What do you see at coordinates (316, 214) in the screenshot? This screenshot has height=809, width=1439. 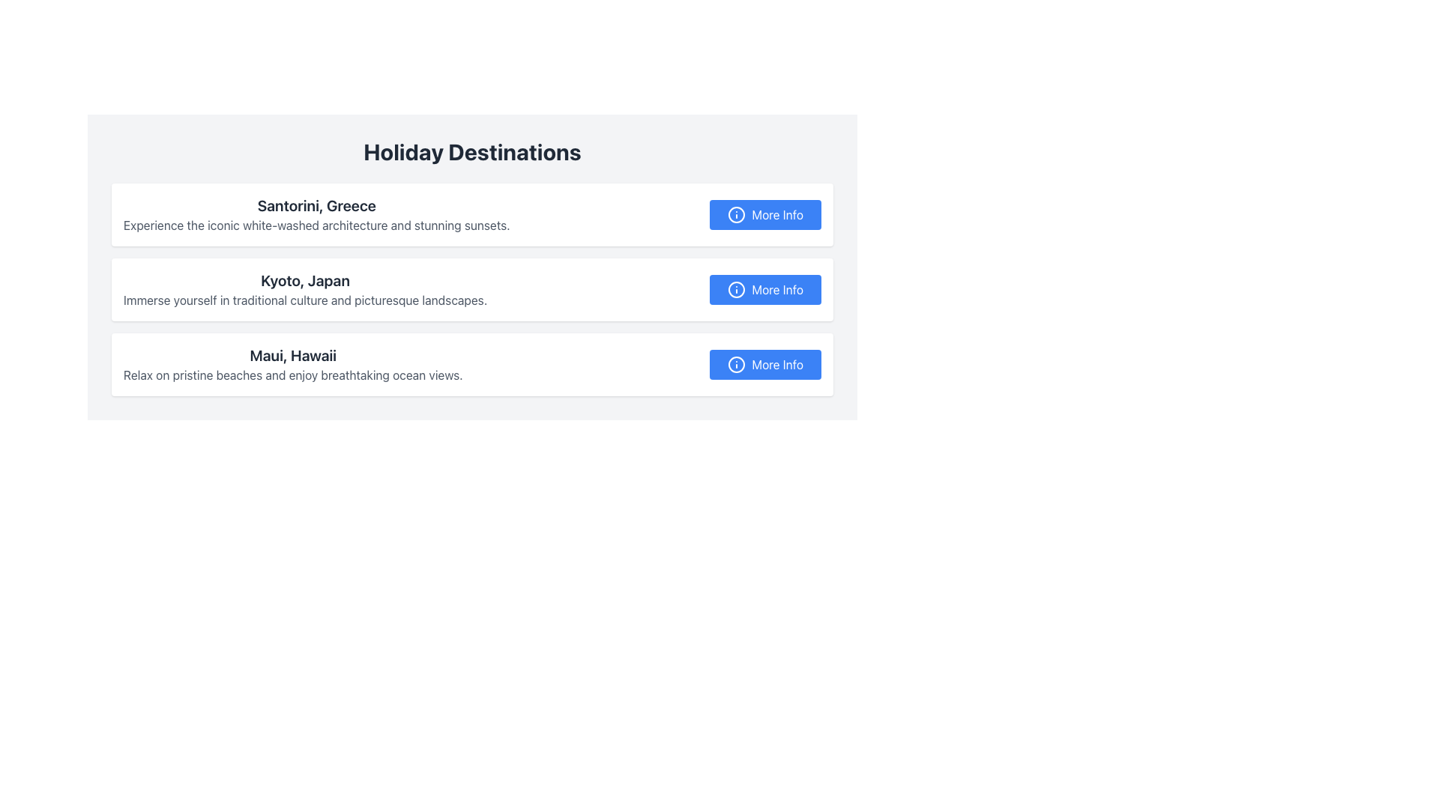 I see `the descriptive text block for 'Santorini, Greece', which features a bold title and a subtitle, positioned at the top of the list of holiday destinations` at bounding box center [316, 214].